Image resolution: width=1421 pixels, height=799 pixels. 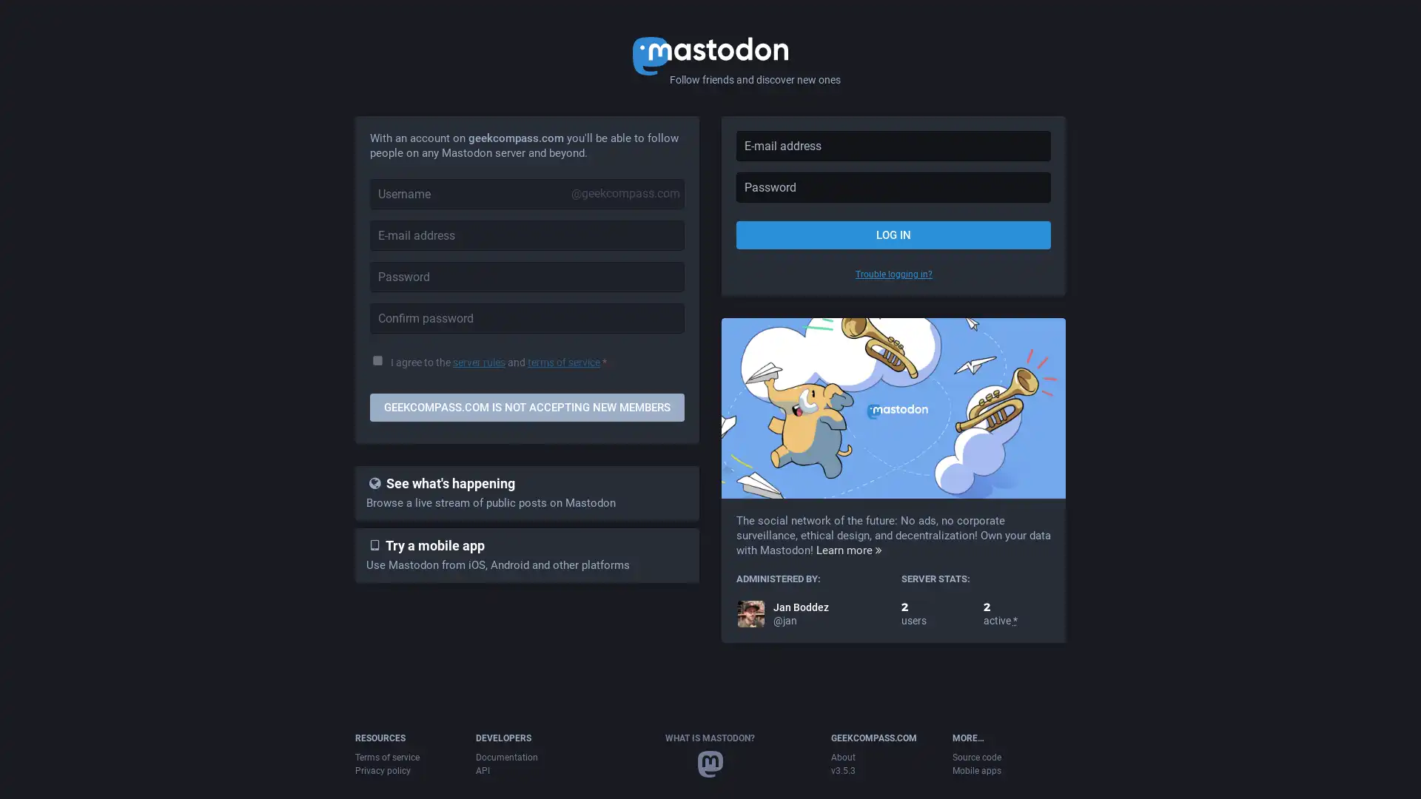 What do you see at coordinates (893, 234) in the screenshot?
I see `LOG IN` at bounding box center [893, 234].